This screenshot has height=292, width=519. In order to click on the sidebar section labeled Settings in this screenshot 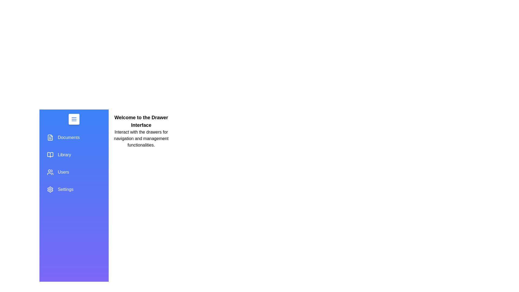, I will do `click(74, 189)`.